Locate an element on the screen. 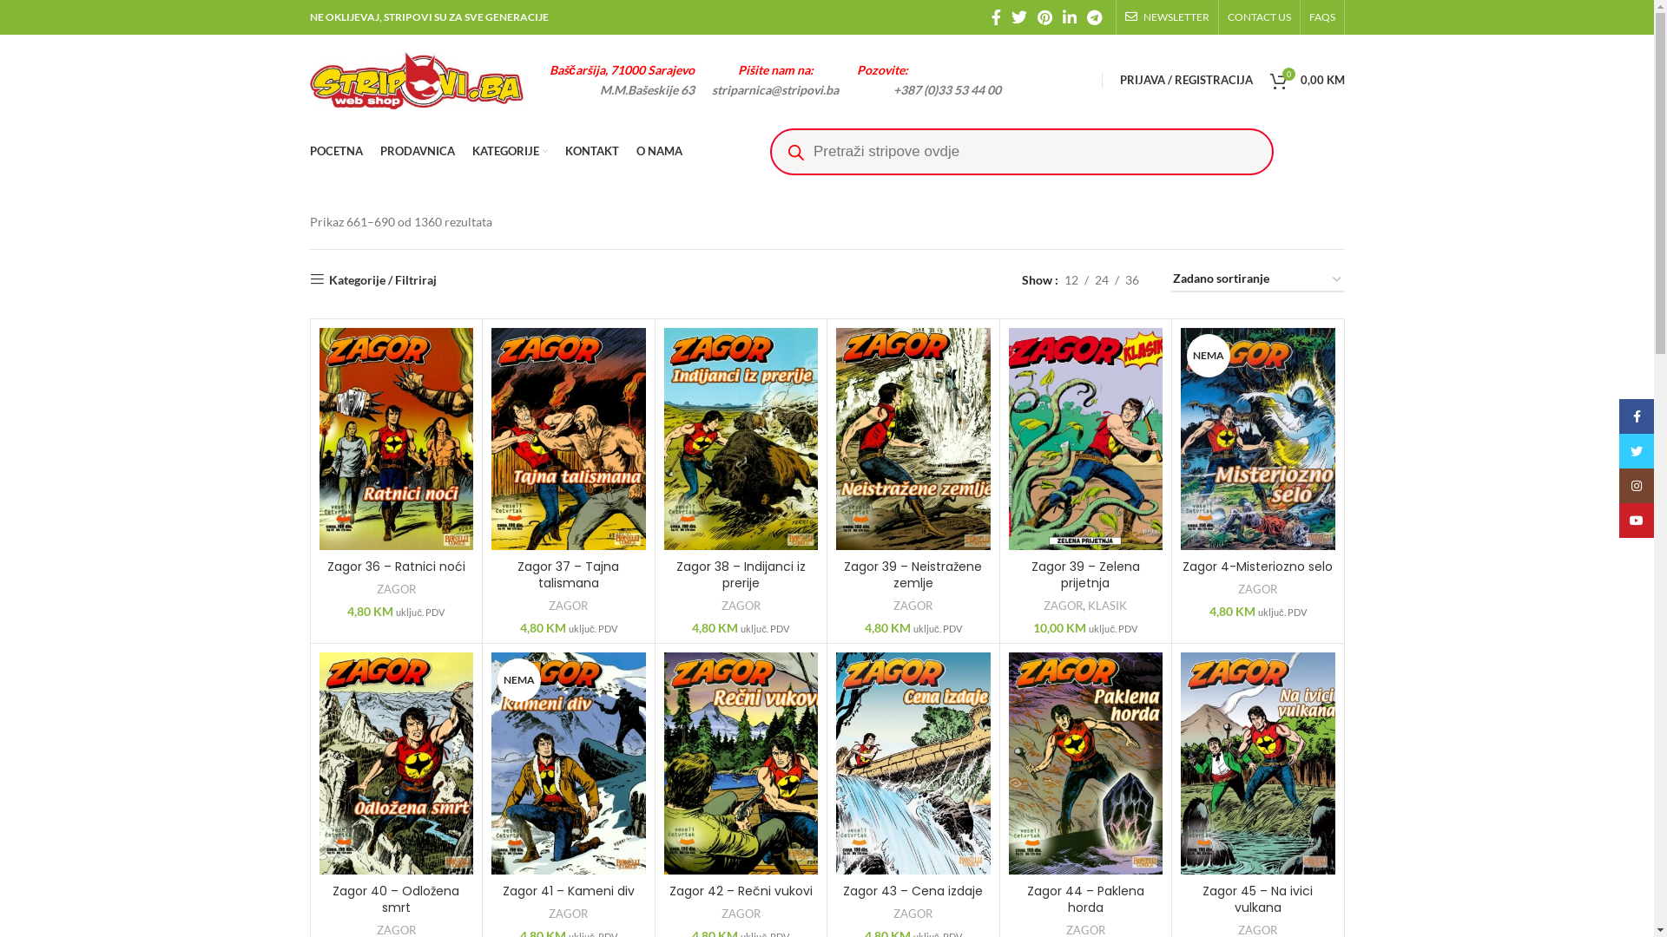 This screenshot has height=937, width=1667. '0 is located at coordinates (1307, 80).